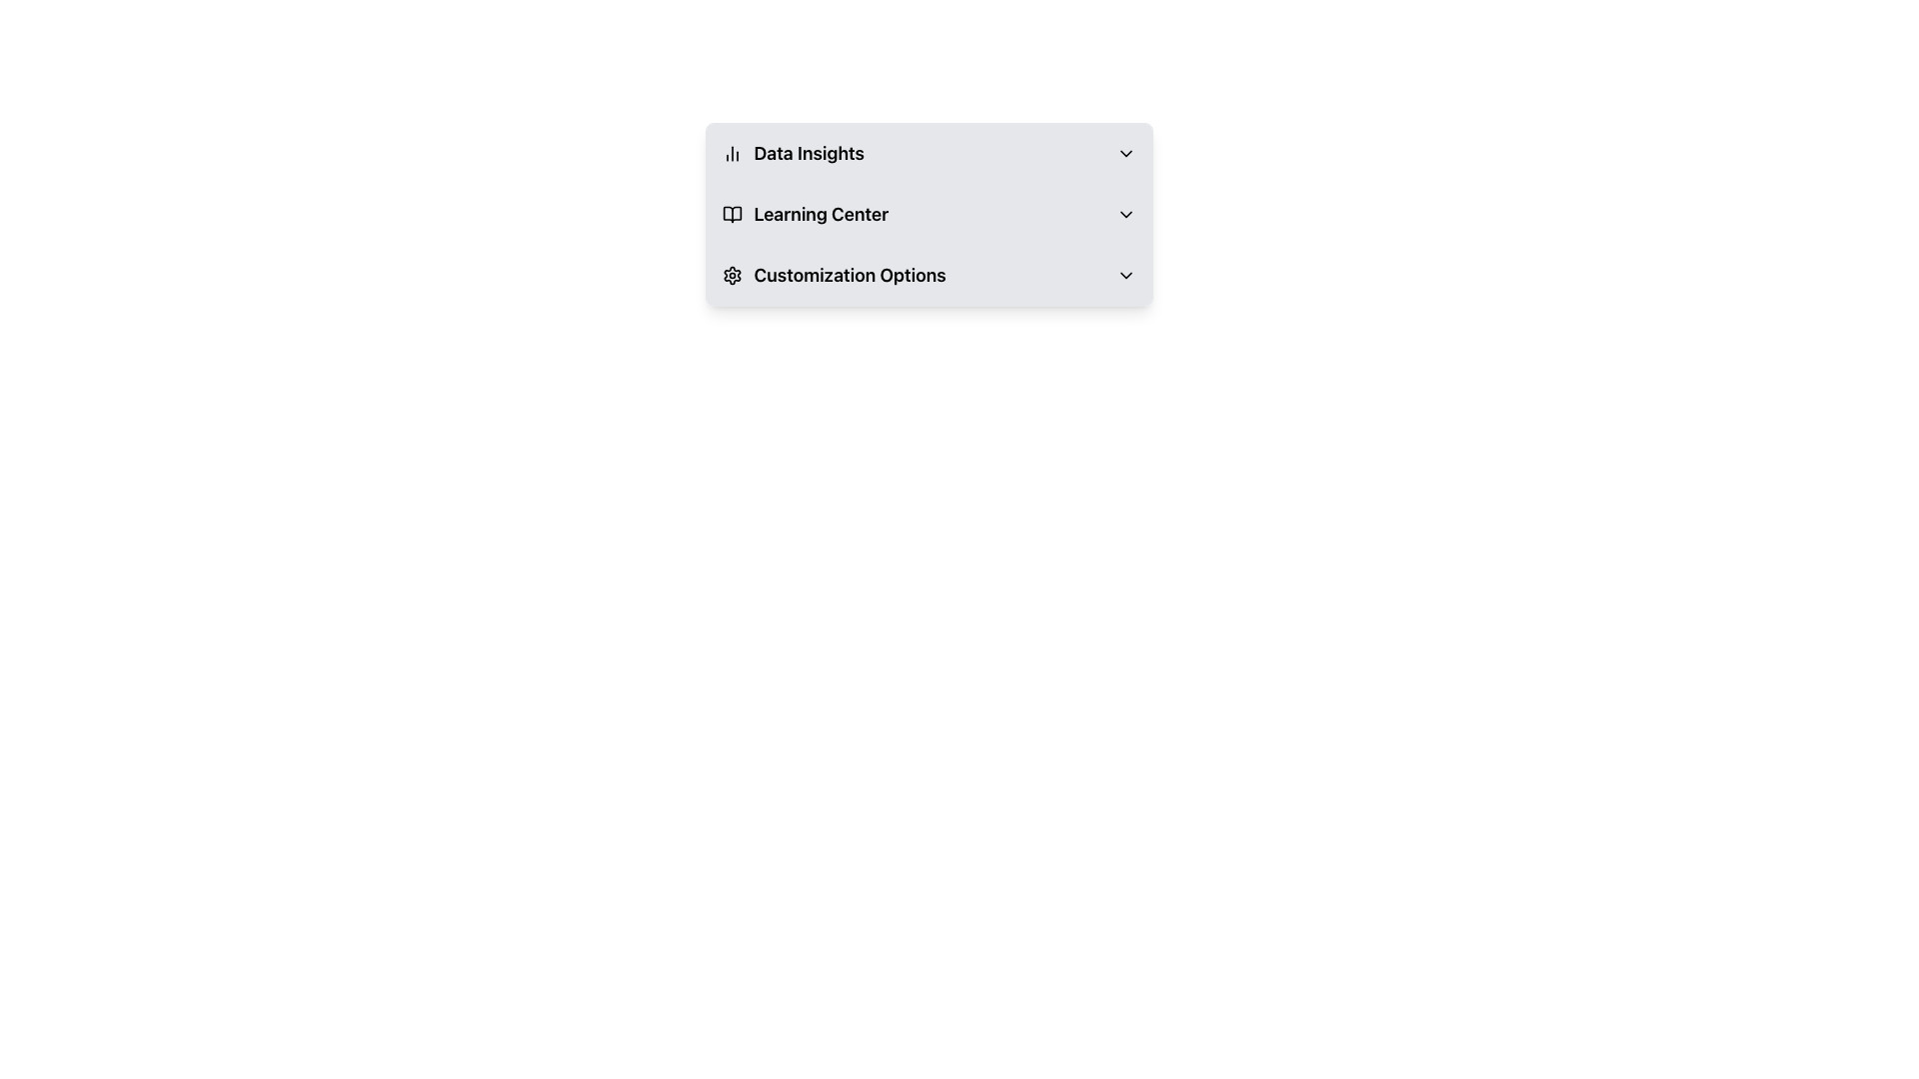 Image resolution: width=1919 pixels, height=1079 pixels. What do you see at coordinates (731, 215) in the screenshot?
I see `the open book icon in the second menu item associated with the 'Learning Center' label` at bounding box center [731, 215].